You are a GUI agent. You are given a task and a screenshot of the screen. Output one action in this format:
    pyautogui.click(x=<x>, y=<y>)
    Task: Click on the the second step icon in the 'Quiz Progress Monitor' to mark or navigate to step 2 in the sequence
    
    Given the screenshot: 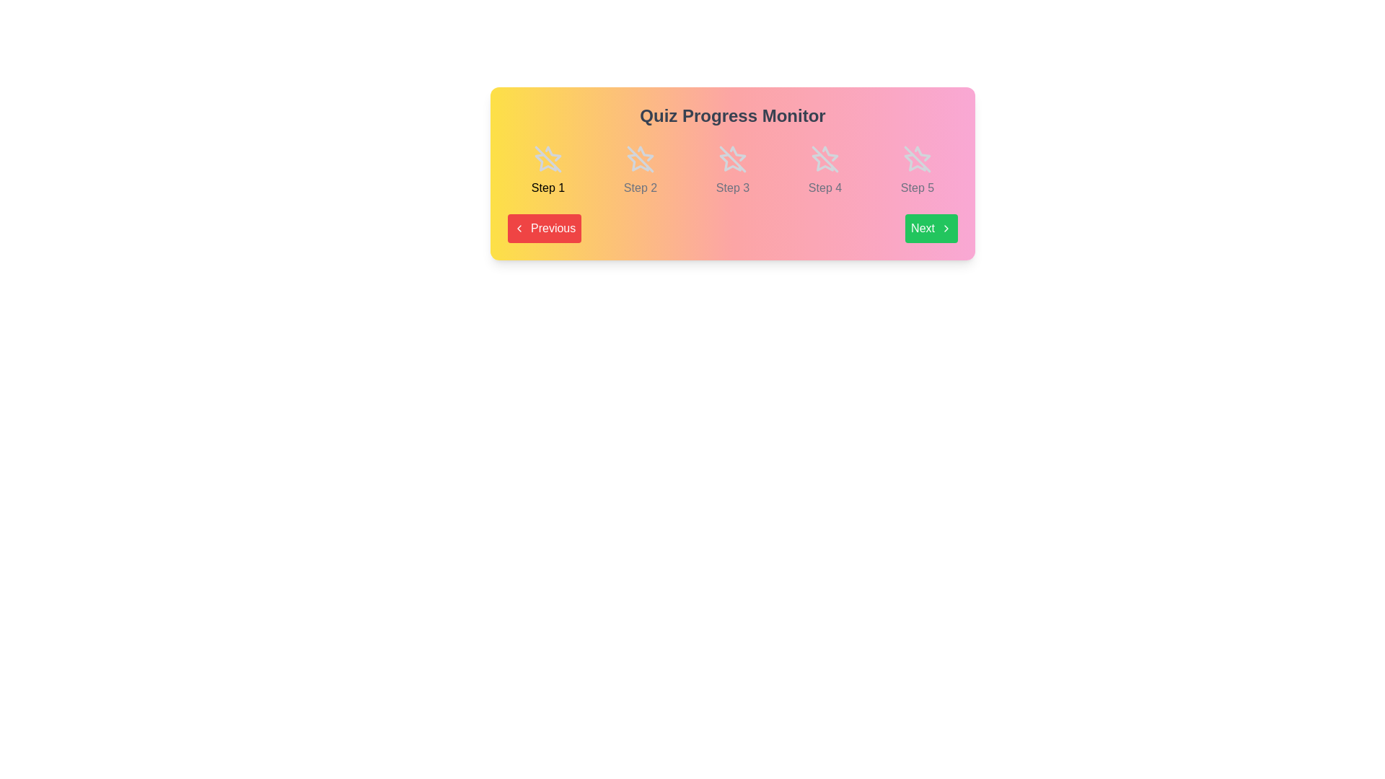 What is the action you would take?
    pyautogui.click(x=640, y=159)
    